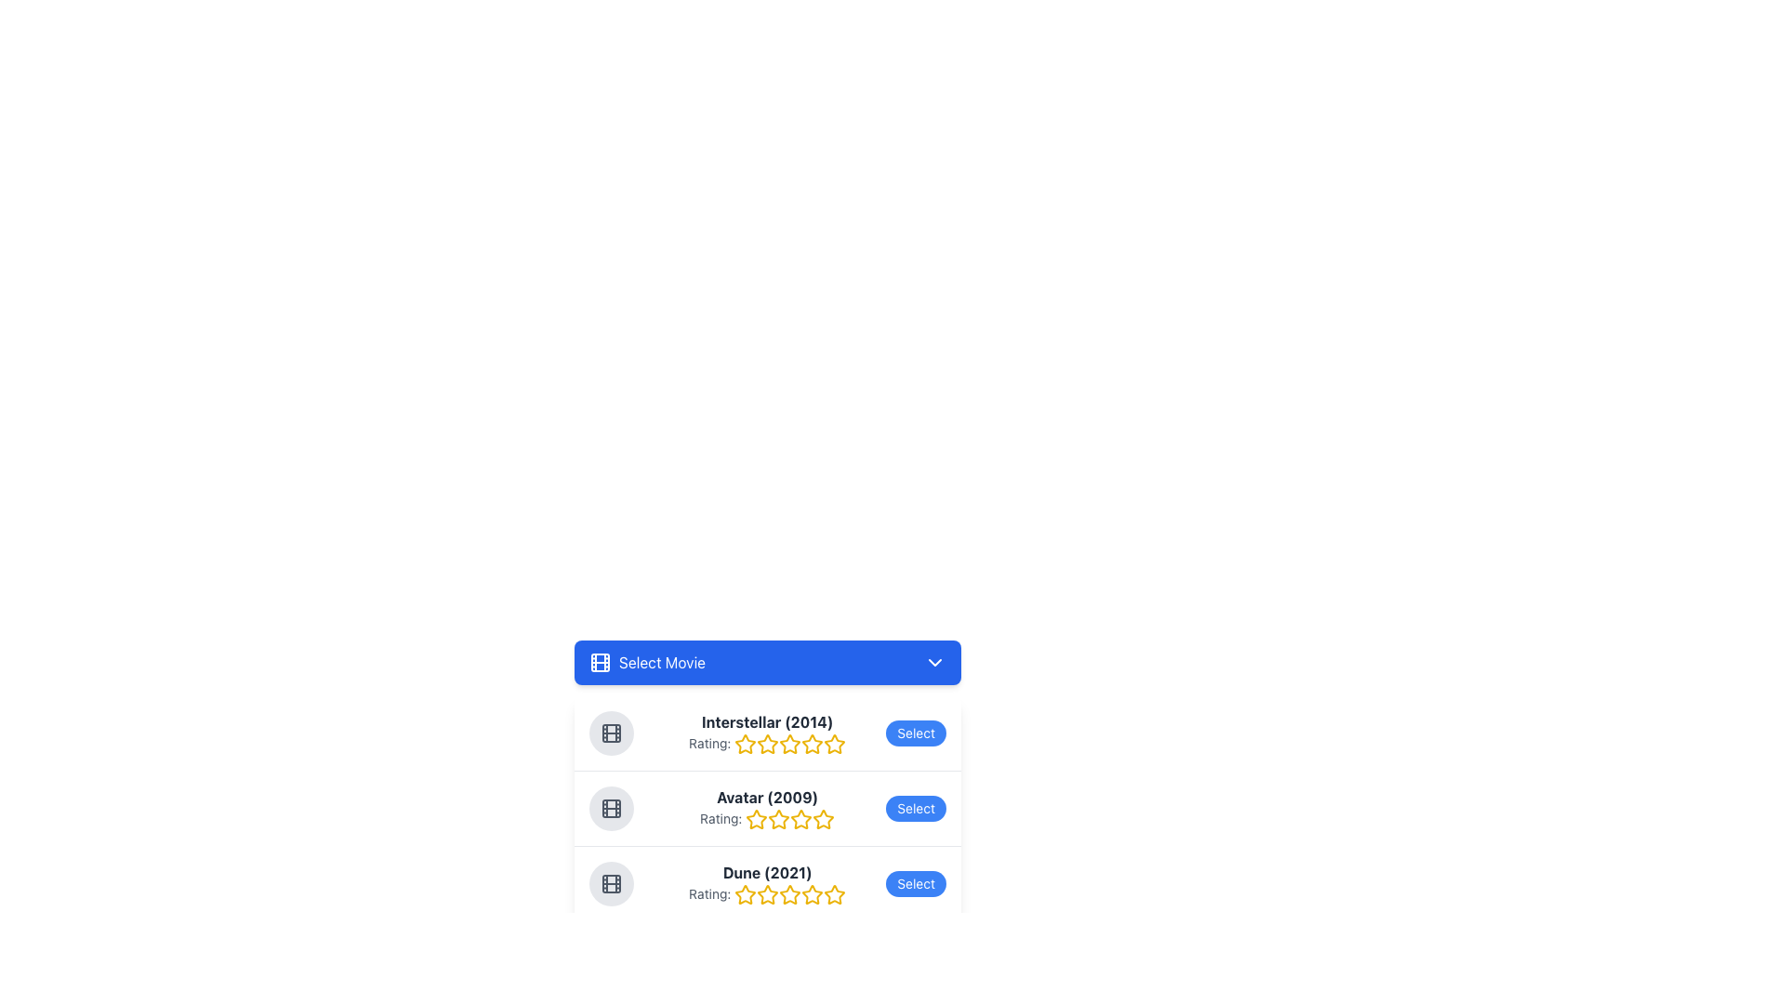  I want to click on the fifth star in the rating system for the movie 'Dune (2021)' to set or modify the rating, so click(834, 893).